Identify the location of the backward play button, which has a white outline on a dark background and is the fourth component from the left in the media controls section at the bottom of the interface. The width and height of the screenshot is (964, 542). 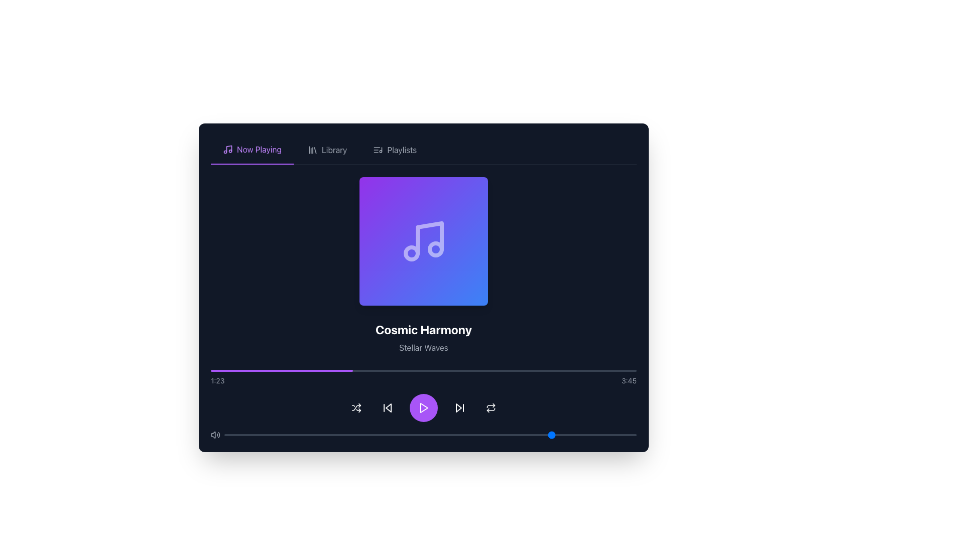
(387, 408).